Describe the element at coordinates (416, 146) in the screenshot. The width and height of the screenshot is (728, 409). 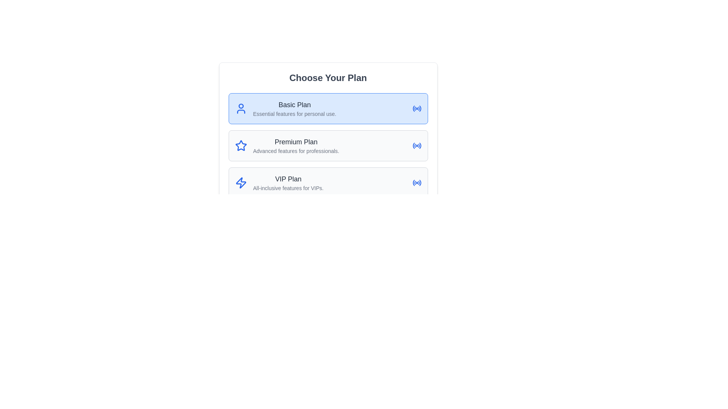
I see `the active blue circular radio button icon located in the upper-right corner of the 'Premium Plan' option box` at that location.